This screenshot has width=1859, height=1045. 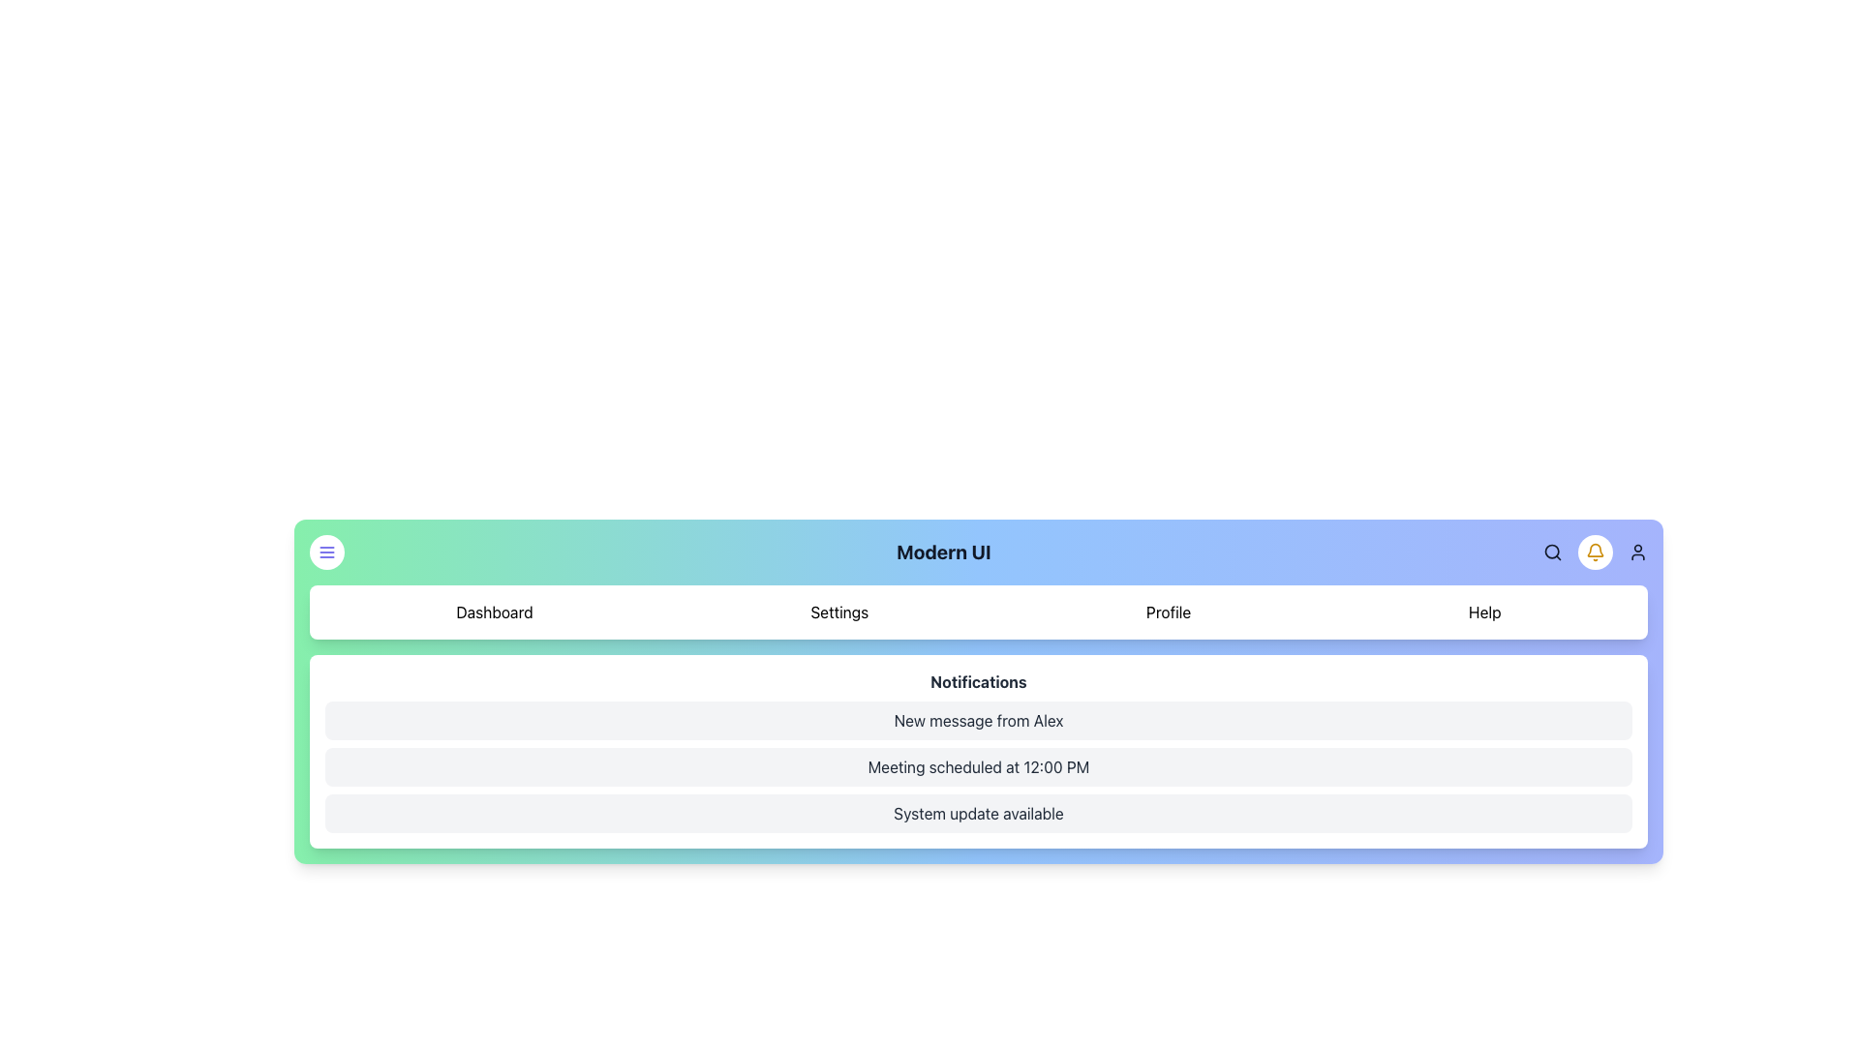 I want to click on the 'Dashboard' text button located in the top-left portion of the horizontal menu bar, so click(x=494, y=612).